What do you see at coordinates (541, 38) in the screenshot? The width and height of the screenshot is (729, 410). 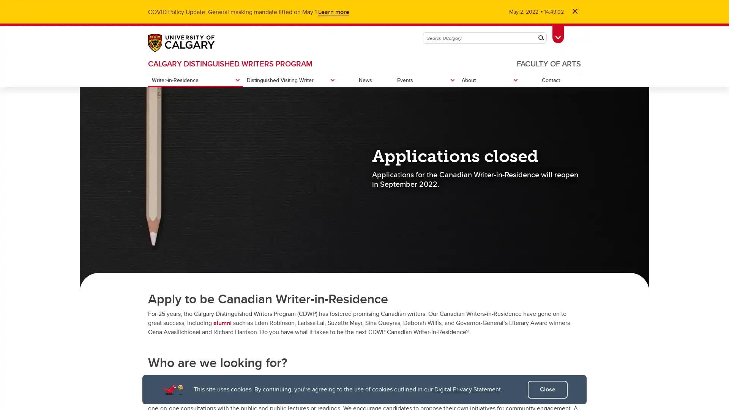 I see `Search` at bounding box center [541, 38].